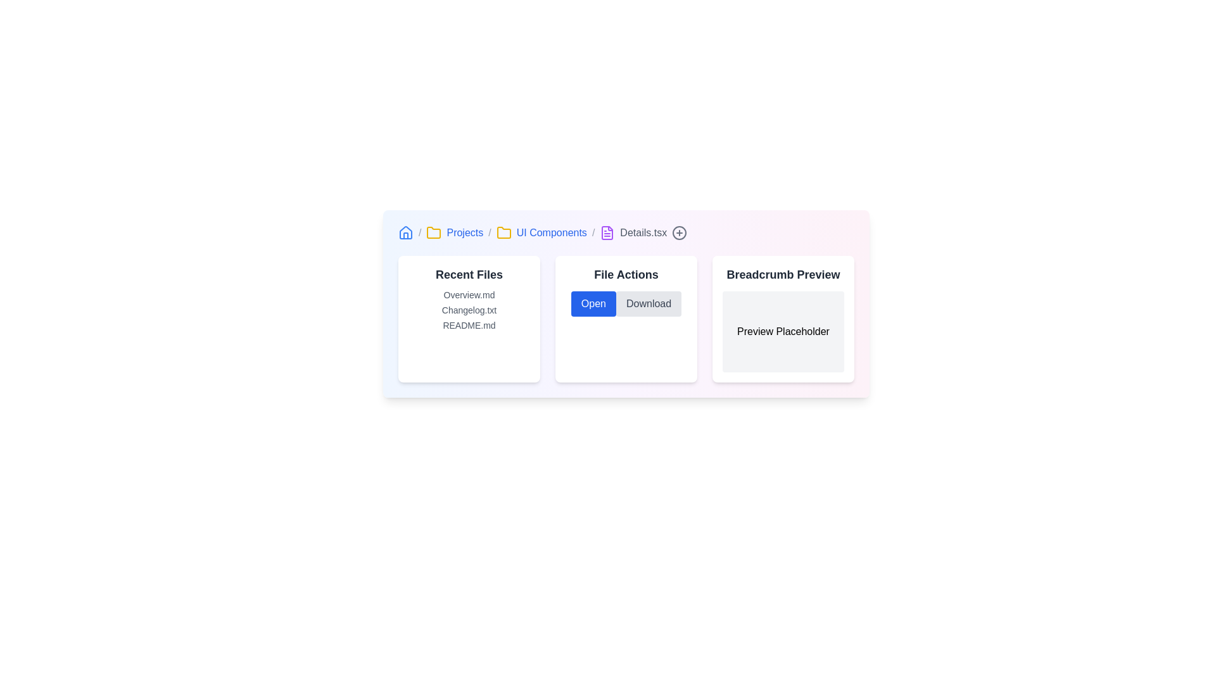 The height and width of the screenshot is (684, 1216). What do you see at coordinates (503, 232) in the screenshot?
I see `the folder icon in the breadcrumb navigation sequence, which is located between the 'Projects' folder and the 'UI Components' link` at bounding box center [503, 232].